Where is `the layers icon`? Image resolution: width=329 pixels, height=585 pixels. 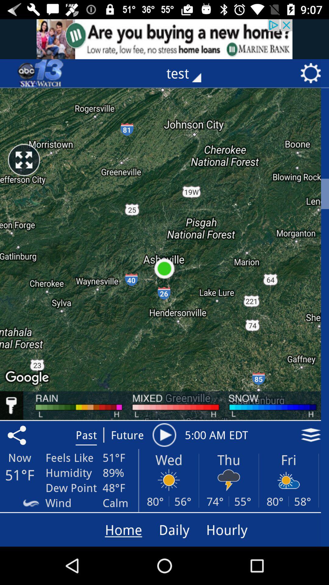
the layers icon is located at coordinates (311, 434).